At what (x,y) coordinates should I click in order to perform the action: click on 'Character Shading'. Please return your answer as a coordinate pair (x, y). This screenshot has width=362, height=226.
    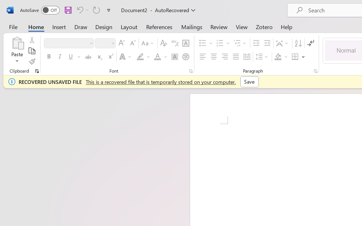
    Looking at the image, I should click on (174, 57).